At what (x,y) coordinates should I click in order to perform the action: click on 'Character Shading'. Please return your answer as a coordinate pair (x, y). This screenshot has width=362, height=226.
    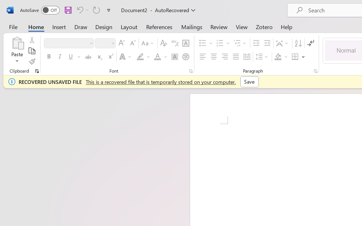
    Looking at the image, I should click on (174, 57).